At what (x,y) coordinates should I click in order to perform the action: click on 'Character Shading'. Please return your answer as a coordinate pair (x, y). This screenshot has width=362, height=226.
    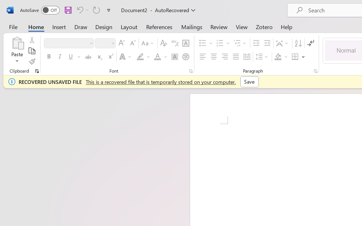
    Looking at the image, I should click on (174, 57).